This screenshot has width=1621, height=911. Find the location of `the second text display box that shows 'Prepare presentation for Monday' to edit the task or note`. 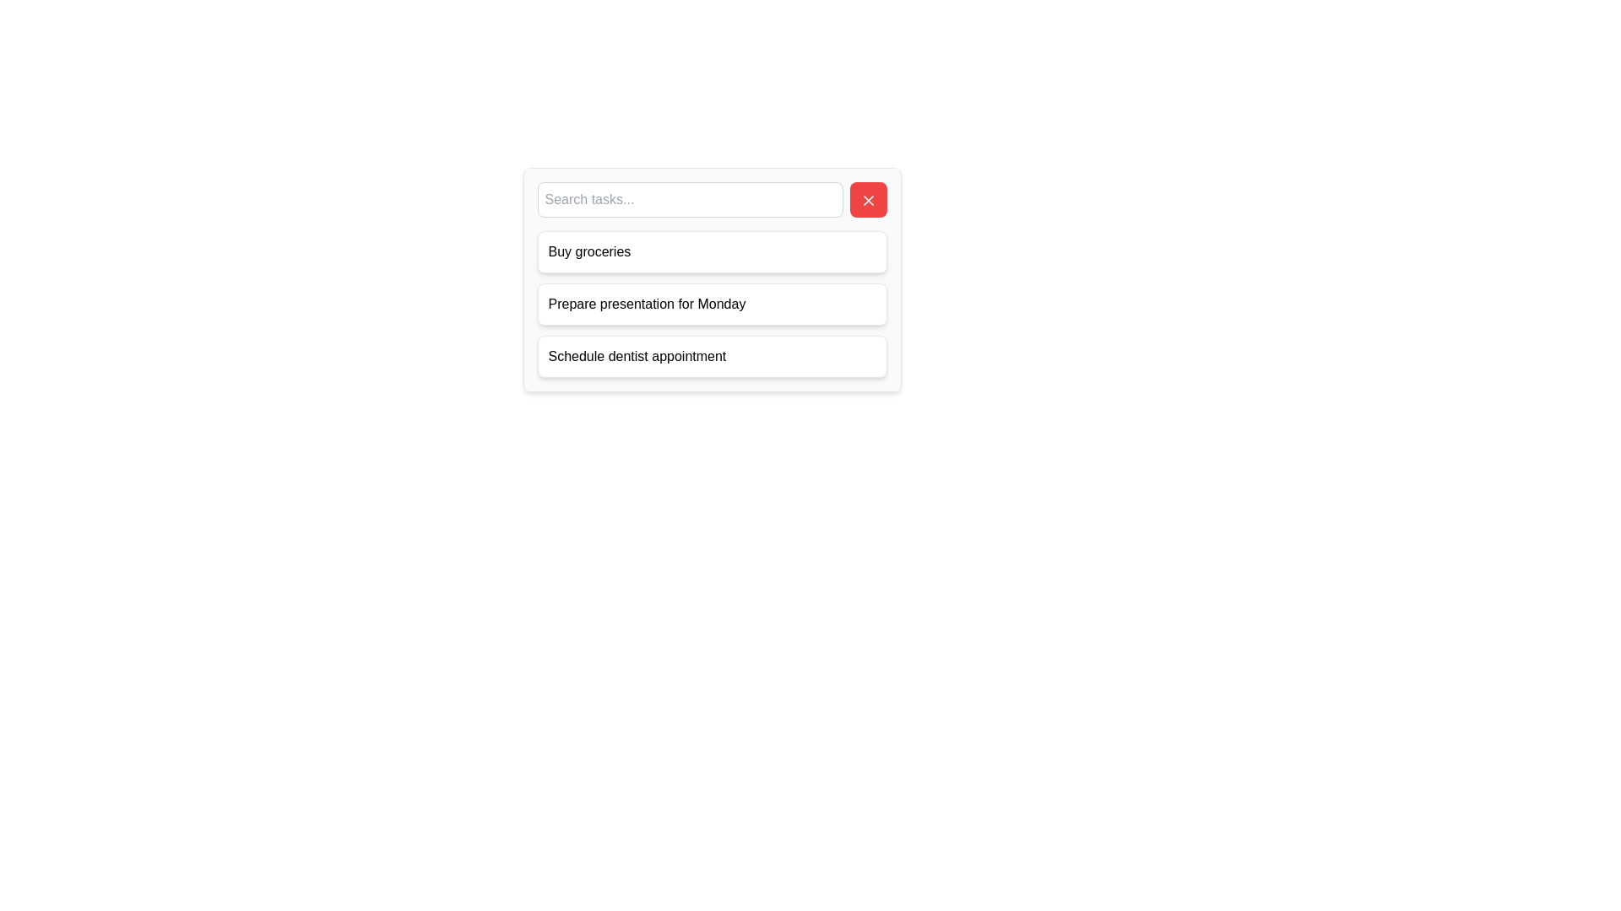

the second text display box that shows 'Prepare presentation for Monday' to edit the task or note is located at coordinates (712, 278).